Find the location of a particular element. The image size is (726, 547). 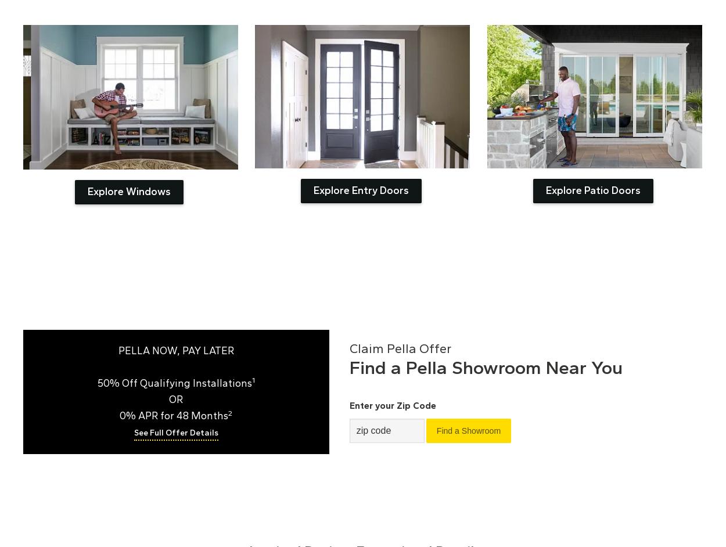

'OR' is located at coordinates (176, 399).